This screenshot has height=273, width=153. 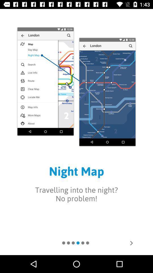 I want to click on move to next page, so click(x=131, y=243).